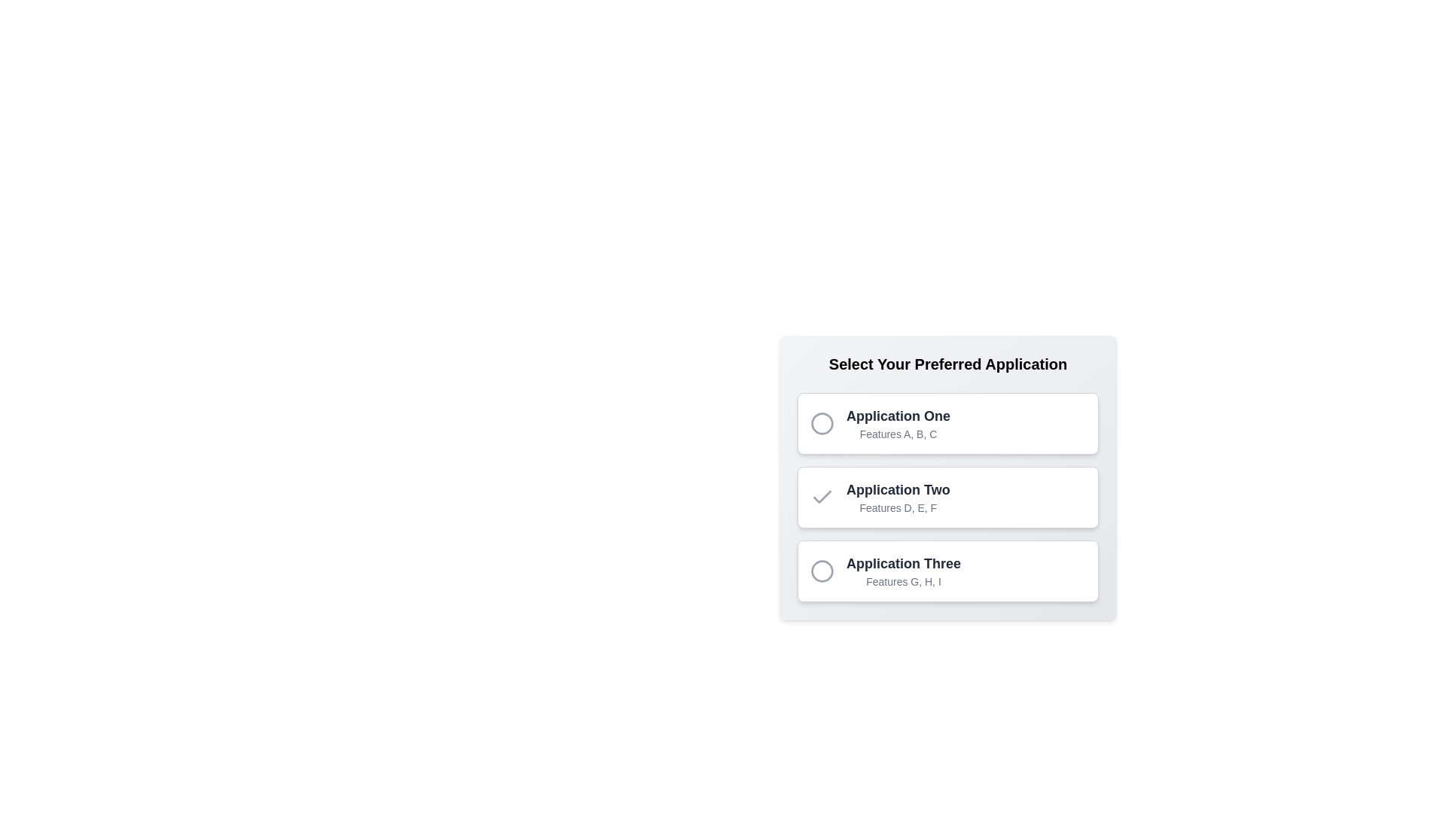 Image resolution: width=1446 pixels, height=813 pixels. What do you see at coordinates (898, 424) in the screenshot?
I see `the text element displaying 'Application One' and 'Features A, B, C' within the first selectable card to observe any tooltips or interactions` at bounding box center [898, 424].